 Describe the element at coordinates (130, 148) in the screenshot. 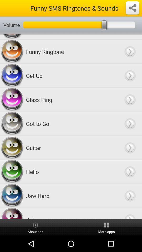

I see `option` at that location.